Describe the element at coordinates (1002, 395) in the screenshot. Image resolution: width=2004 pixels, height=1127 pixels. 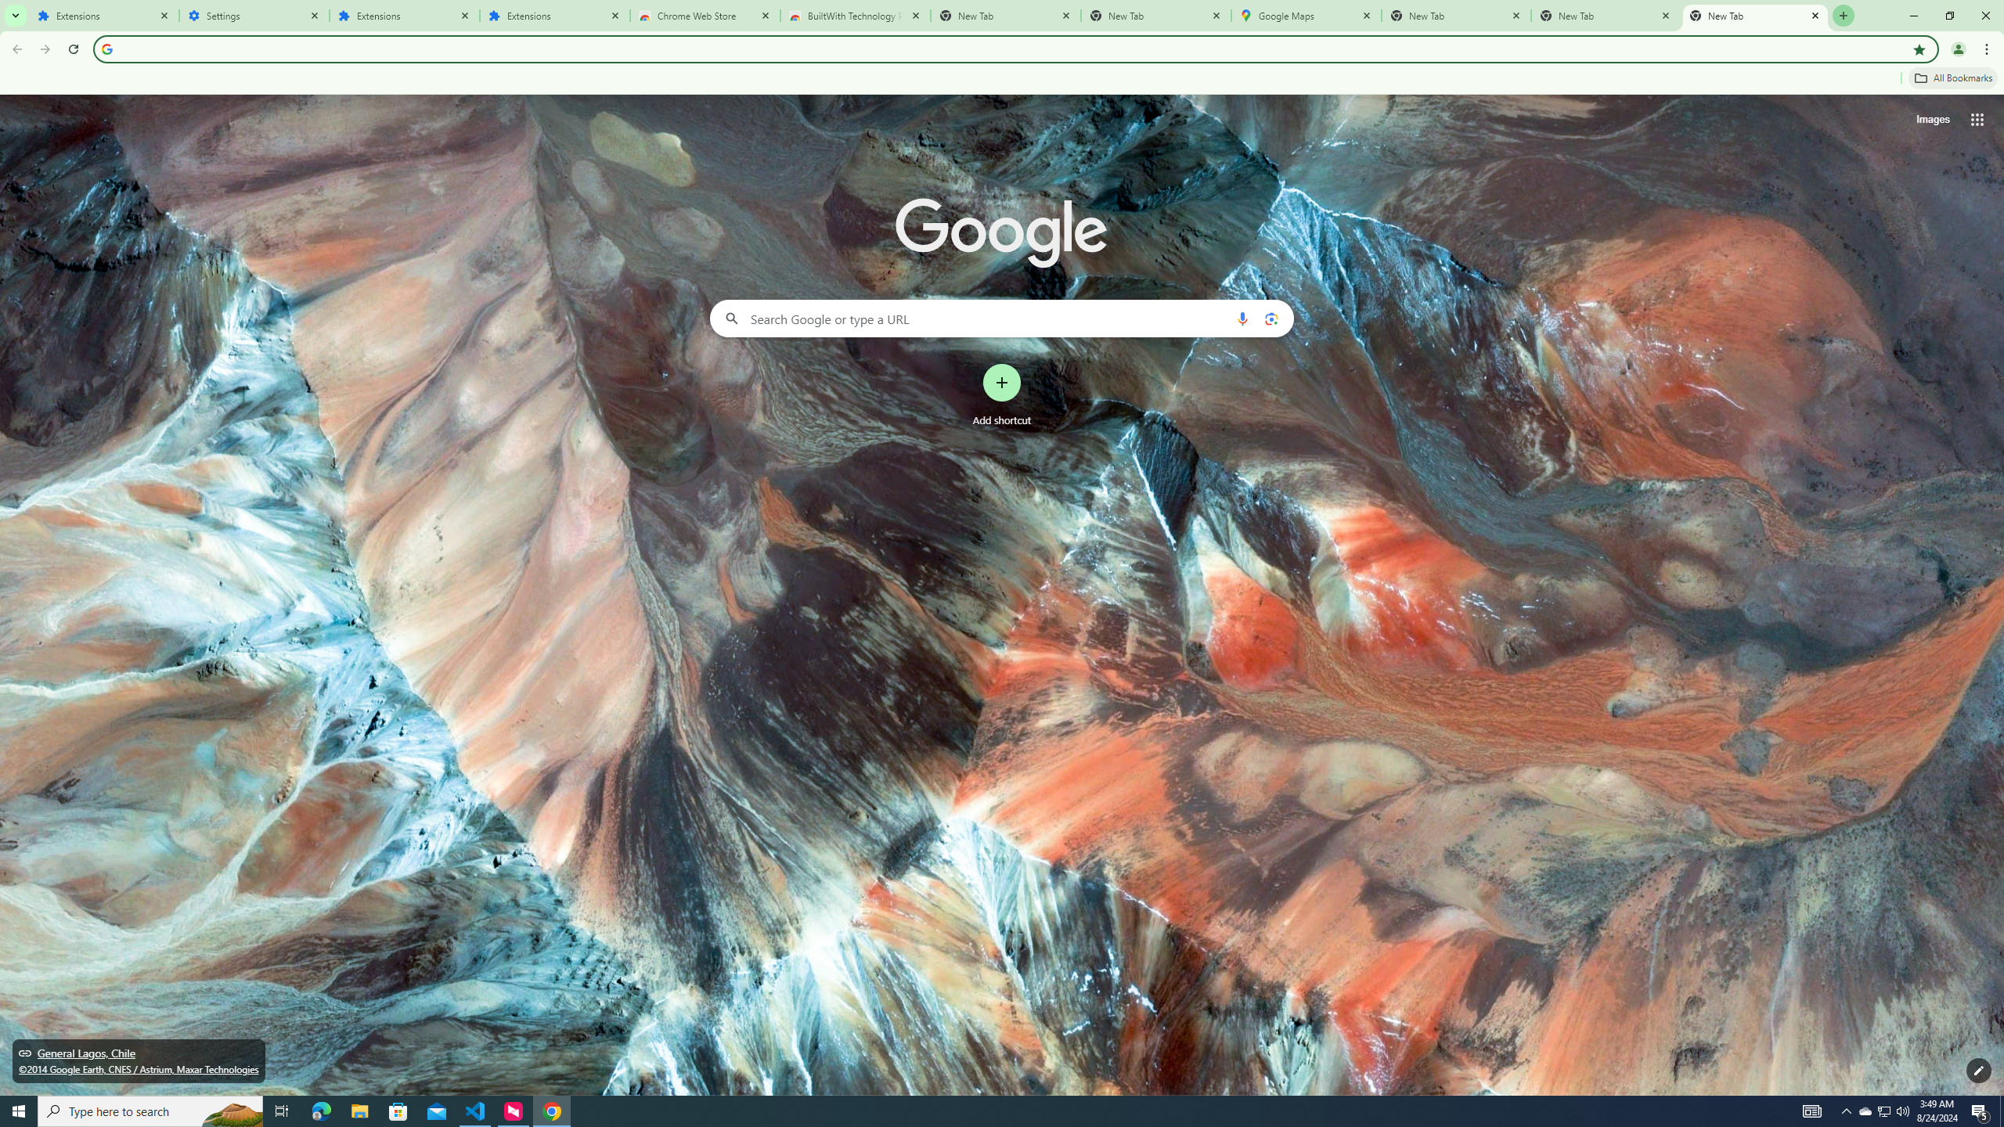
I see `'Add shortcut'` at that location.